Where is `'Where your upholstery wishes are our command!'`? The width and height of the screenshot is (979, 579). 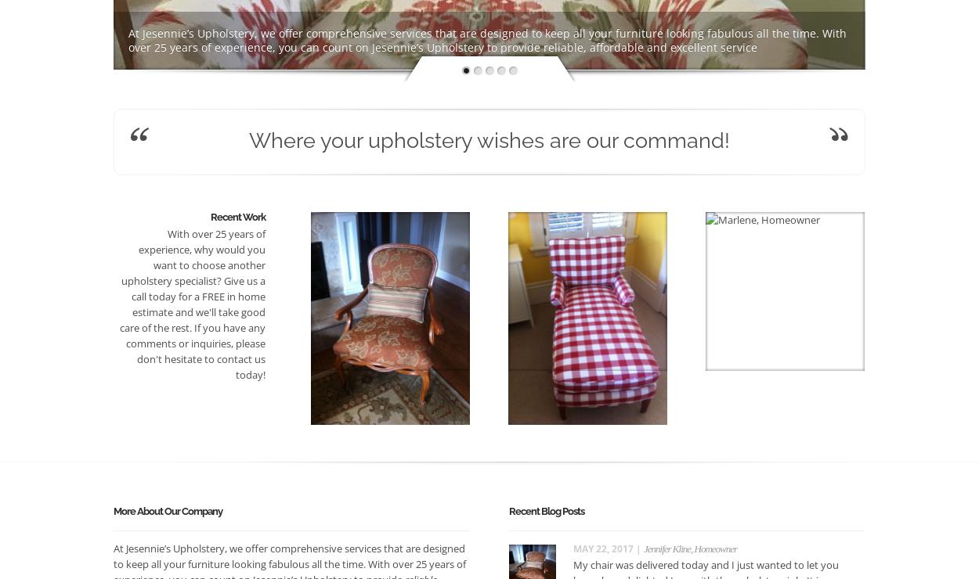 'Where your upholstery wishes are our command!' is located at coordinates (489, 140).